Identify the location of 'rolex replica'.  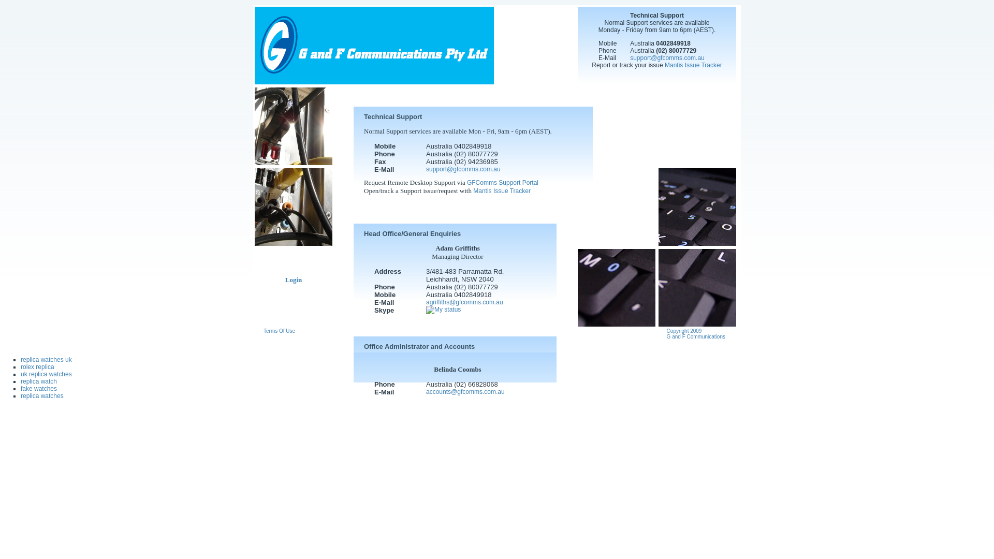
(37, 366).